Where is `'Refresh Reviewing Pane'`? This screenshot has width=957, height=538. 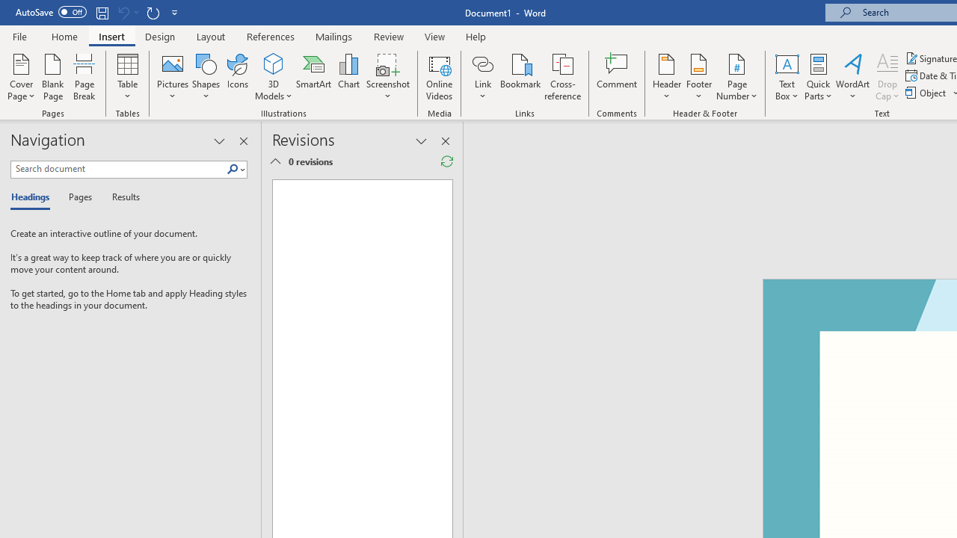
'Refresh Reviewing Pane' is located at coordinates (446, 161).